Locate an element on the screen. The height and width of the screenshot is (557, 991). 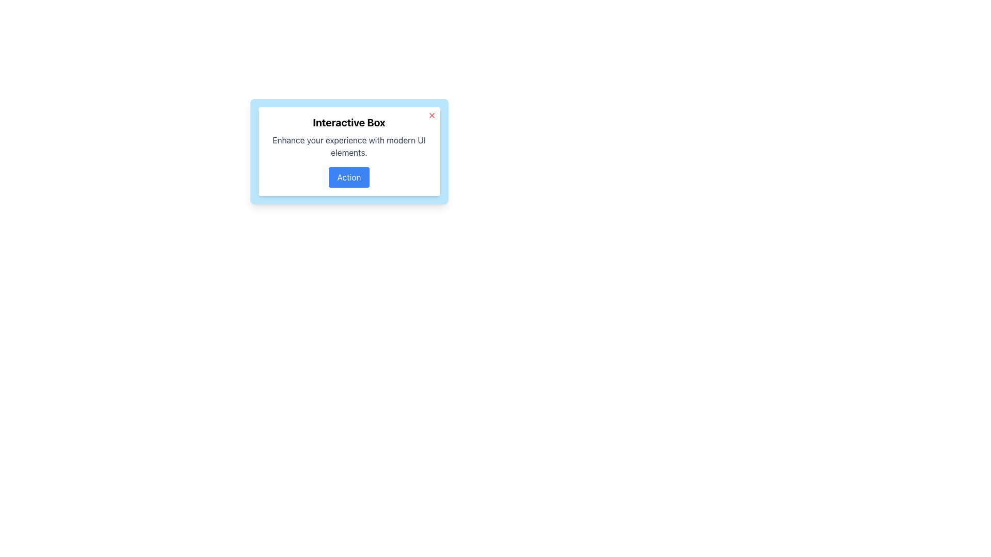
text from the label displaying 'Enhance your experience with modern UI elements.' which is styled in gray and located between the title 'Interactive Box' and the button labeled 'Action.' is located at coordinates (349, 146).